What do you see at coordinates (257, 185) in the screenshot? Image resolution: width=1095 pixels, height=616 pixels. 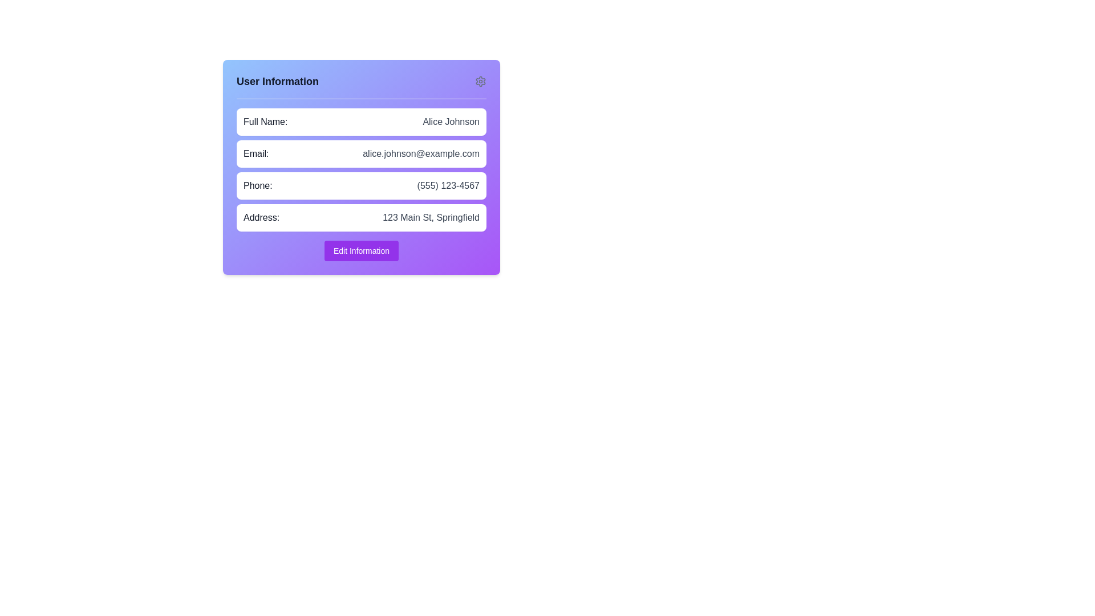 I see `the 'Phone:' label that describes the user's phone number, located beneath the 'Email:' entry in a vertically-aligned list of label-value pairs` at bounding box center [257, 185].